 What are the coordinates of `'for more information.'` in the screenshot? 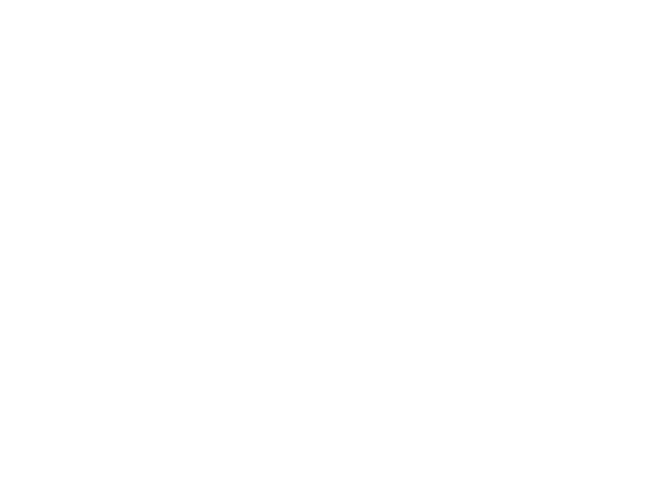 It's located at (219, 71).